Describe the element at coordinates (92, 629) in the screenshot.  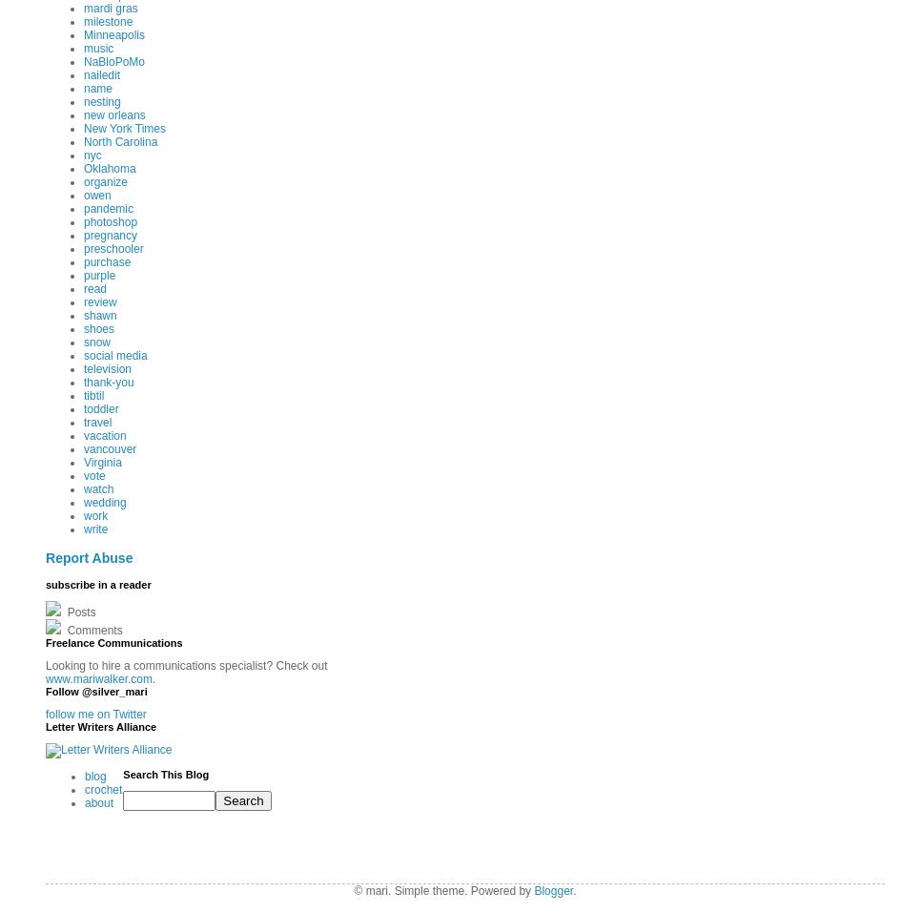
I see `'Comments'` at that location.